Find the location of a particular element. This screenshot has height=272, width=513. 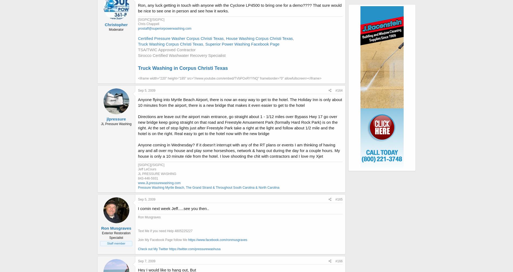

'Text Me if you need Help 4805225227' is located at coordinates (165, 231).